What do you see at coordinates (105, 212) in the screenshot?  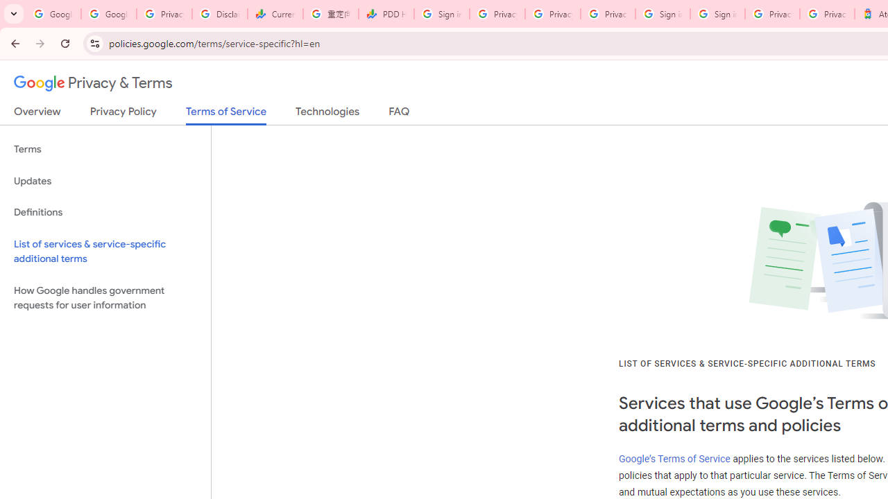 I see `'Definitions'` at bounding box center [105, 212].